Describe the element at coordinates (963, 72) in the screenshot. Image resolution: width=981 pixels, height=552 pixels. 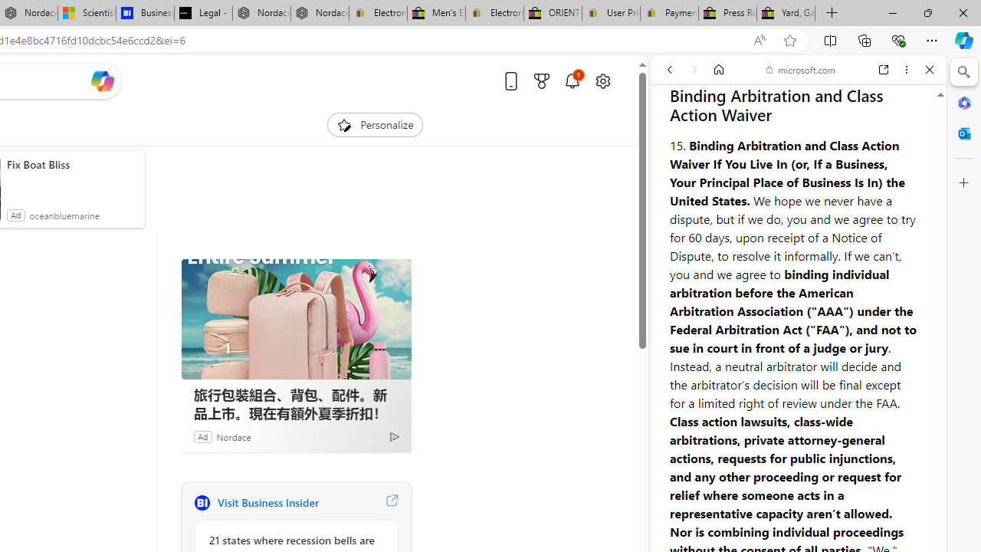
I see `'Minimize Search pane'` at that location.